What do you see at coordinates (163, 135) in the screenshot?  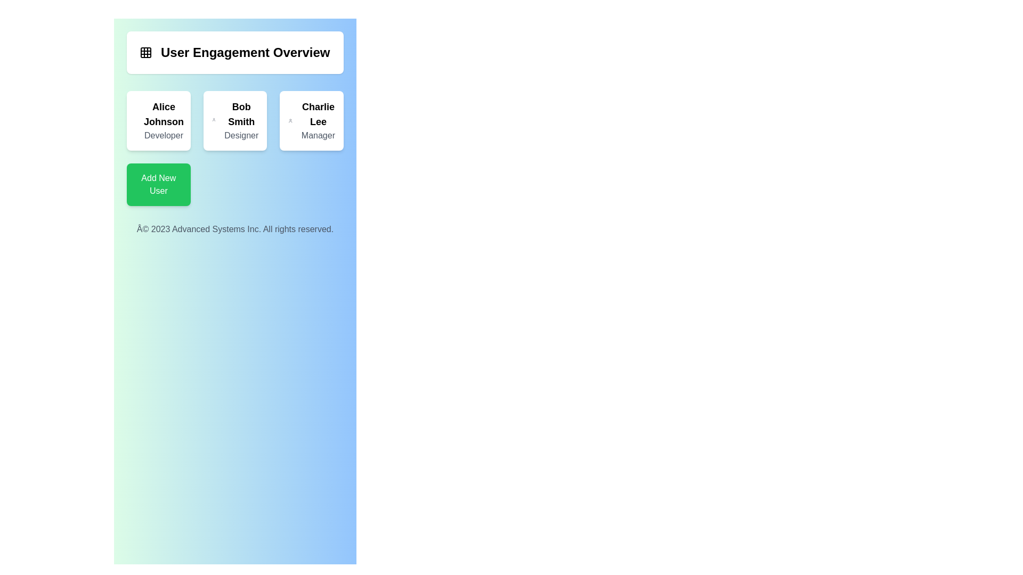 I see `the Text Label that displays the word 'Developer', which is centered below the name 'Alice Johnson' in muted gray color` at bounding box center [163, 135].